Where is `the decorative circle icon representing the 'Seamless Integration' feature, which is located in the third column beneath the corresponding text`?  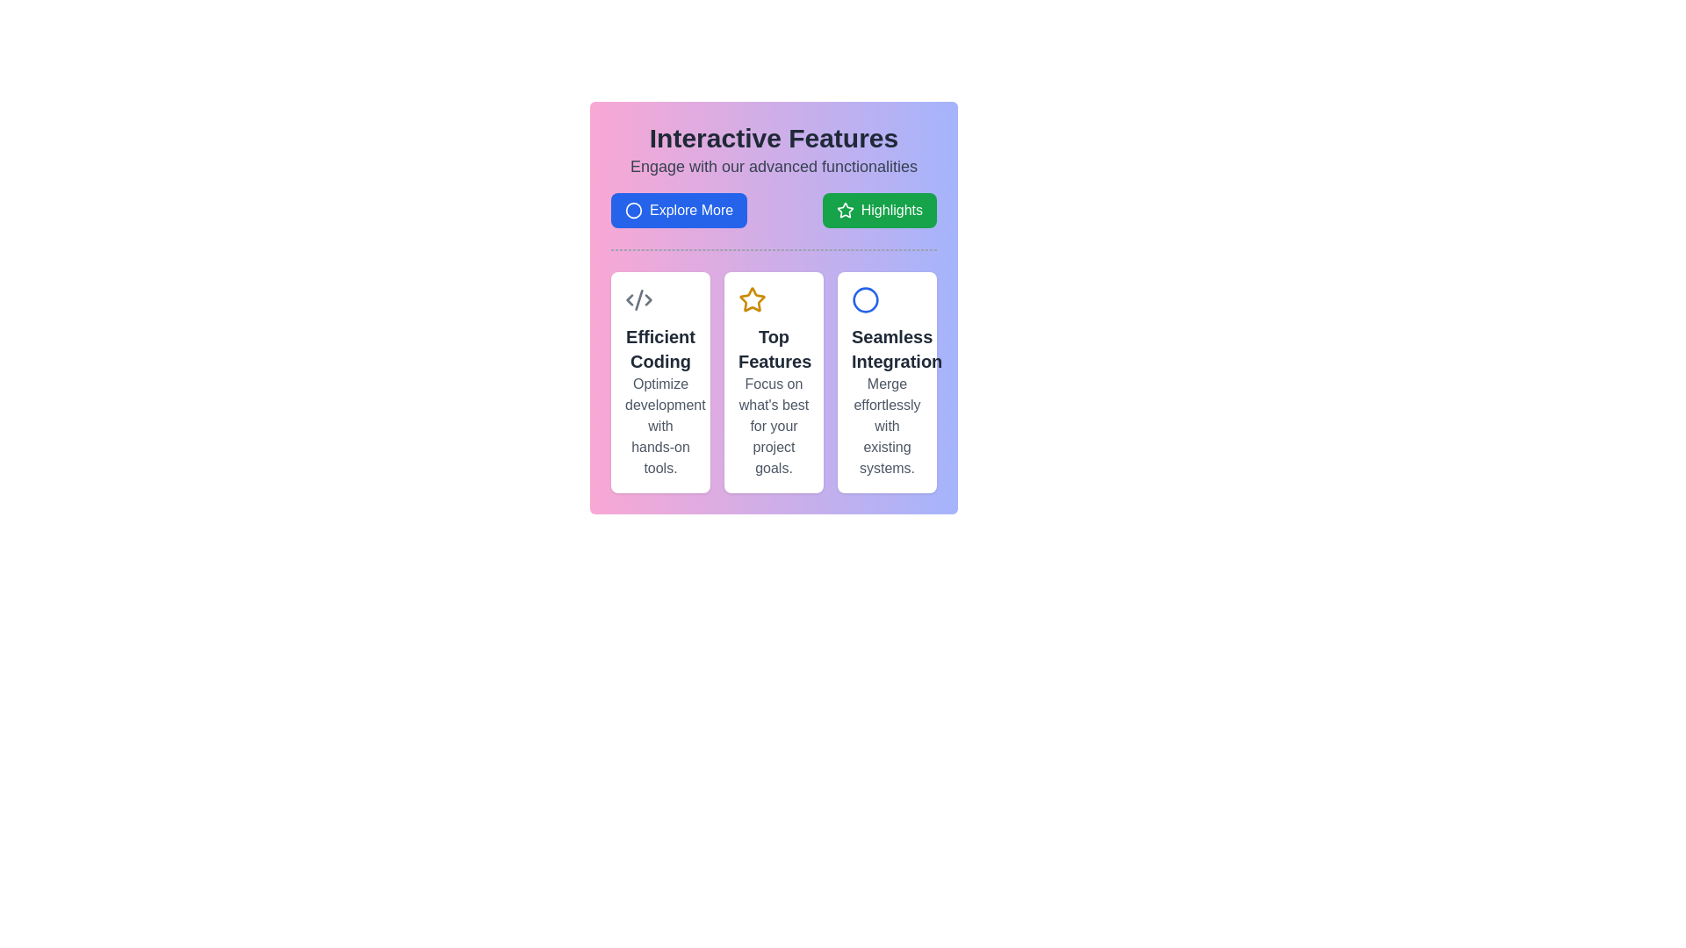
the decorative circle icon representing the 'Seamless Integration' feature, which is located in the third column beneath the corresponding text is located at coordinates (865, 299).